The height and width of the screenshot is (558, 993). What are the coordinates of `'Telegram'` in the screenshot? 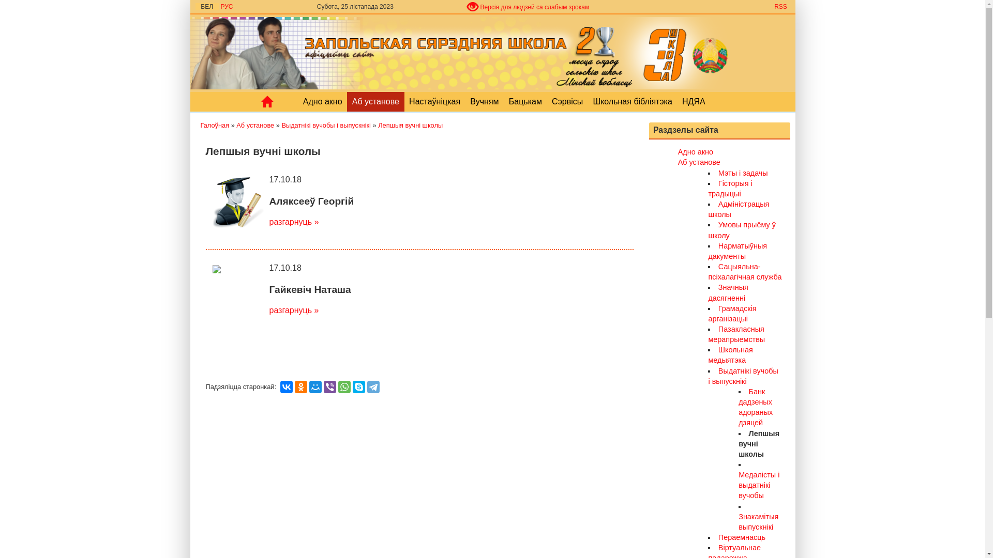 It's located at (372, 386).